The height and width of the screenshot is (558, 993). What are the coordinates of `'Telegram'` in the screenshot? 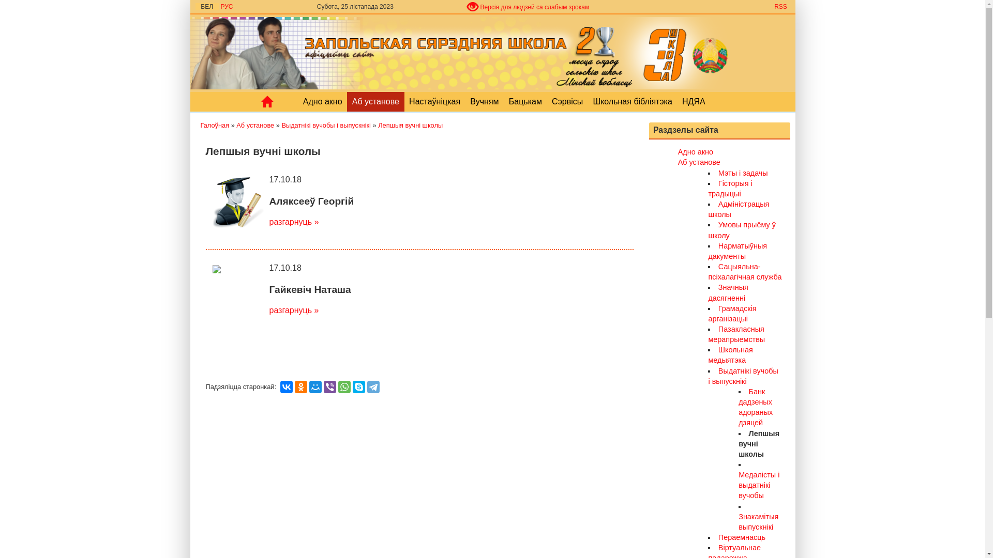 It's located at (372, 386).